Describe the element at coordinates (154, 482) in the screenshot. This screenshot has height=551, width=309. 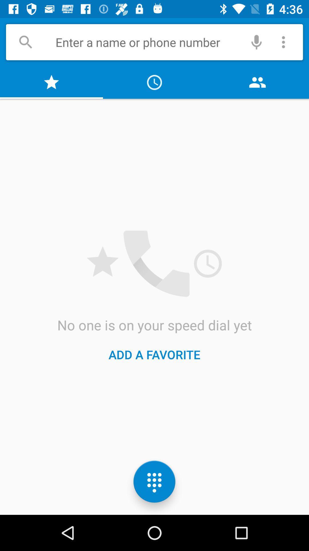
I see `the dialpad icon` at that location.